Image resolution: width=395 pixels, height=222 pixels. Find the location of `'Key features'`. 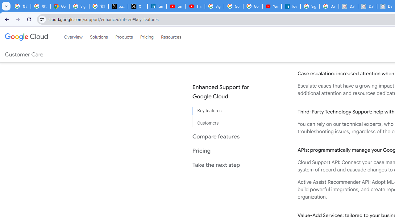

'Key features' is located at coordinates (226, 111).